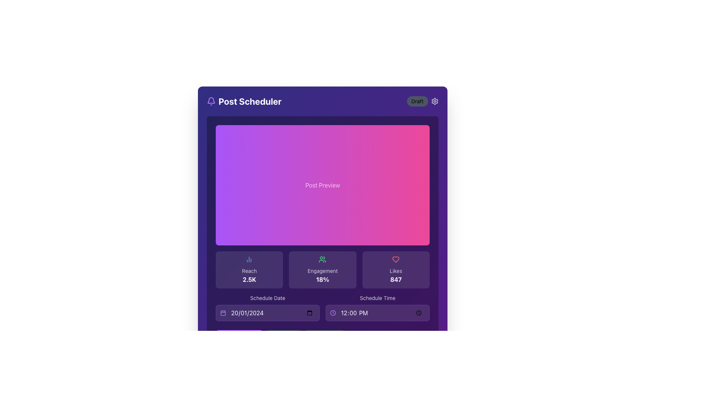 This screenshot has height=401, width=713. I want to click on the Text Label that indicates the purpose or content of the associated gradient box, located in the upper-central area of the interface, so click(322, 185).